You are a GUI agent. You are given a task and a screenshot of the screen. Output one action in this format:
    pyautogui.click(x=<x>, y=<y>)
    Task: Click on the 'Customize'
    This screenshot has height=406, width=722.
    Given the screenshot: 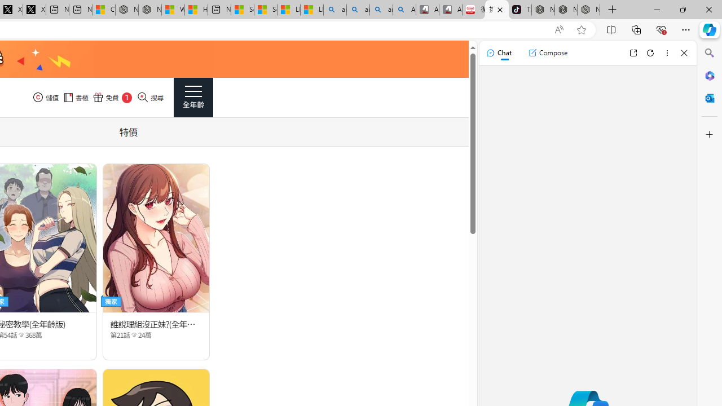 What is the action you would take?
    pyautogui.click(x=709, y=134)
    